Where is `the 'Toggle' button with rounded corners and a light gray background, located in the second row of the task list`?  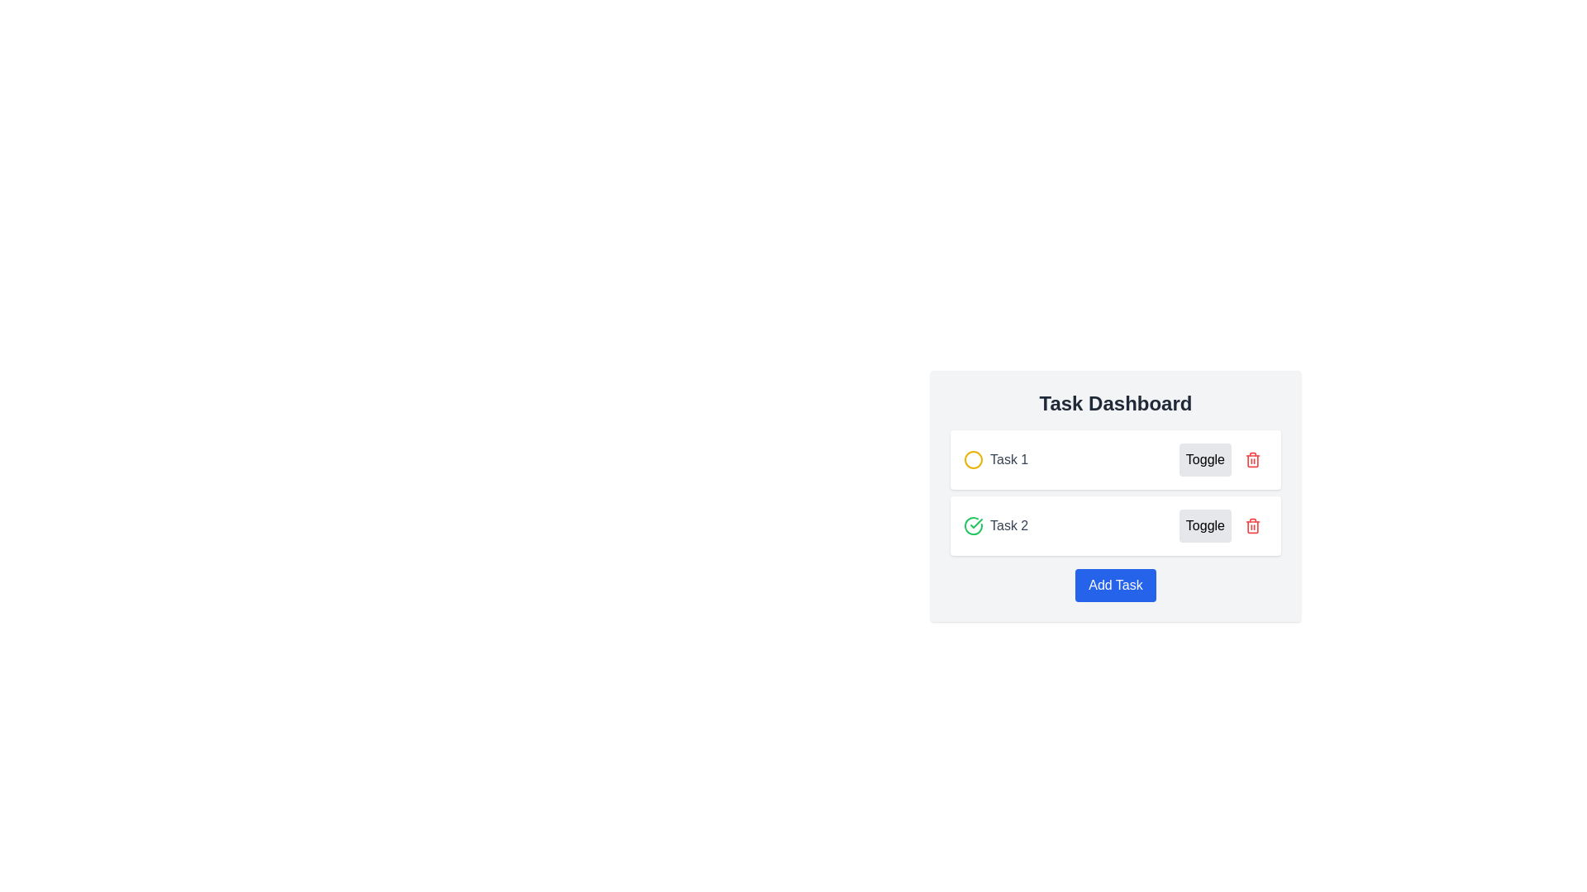
the 'Toggle' button with rounded corners and a light gray background, located in the second row of the task list is located at coordinates (1223, 525).